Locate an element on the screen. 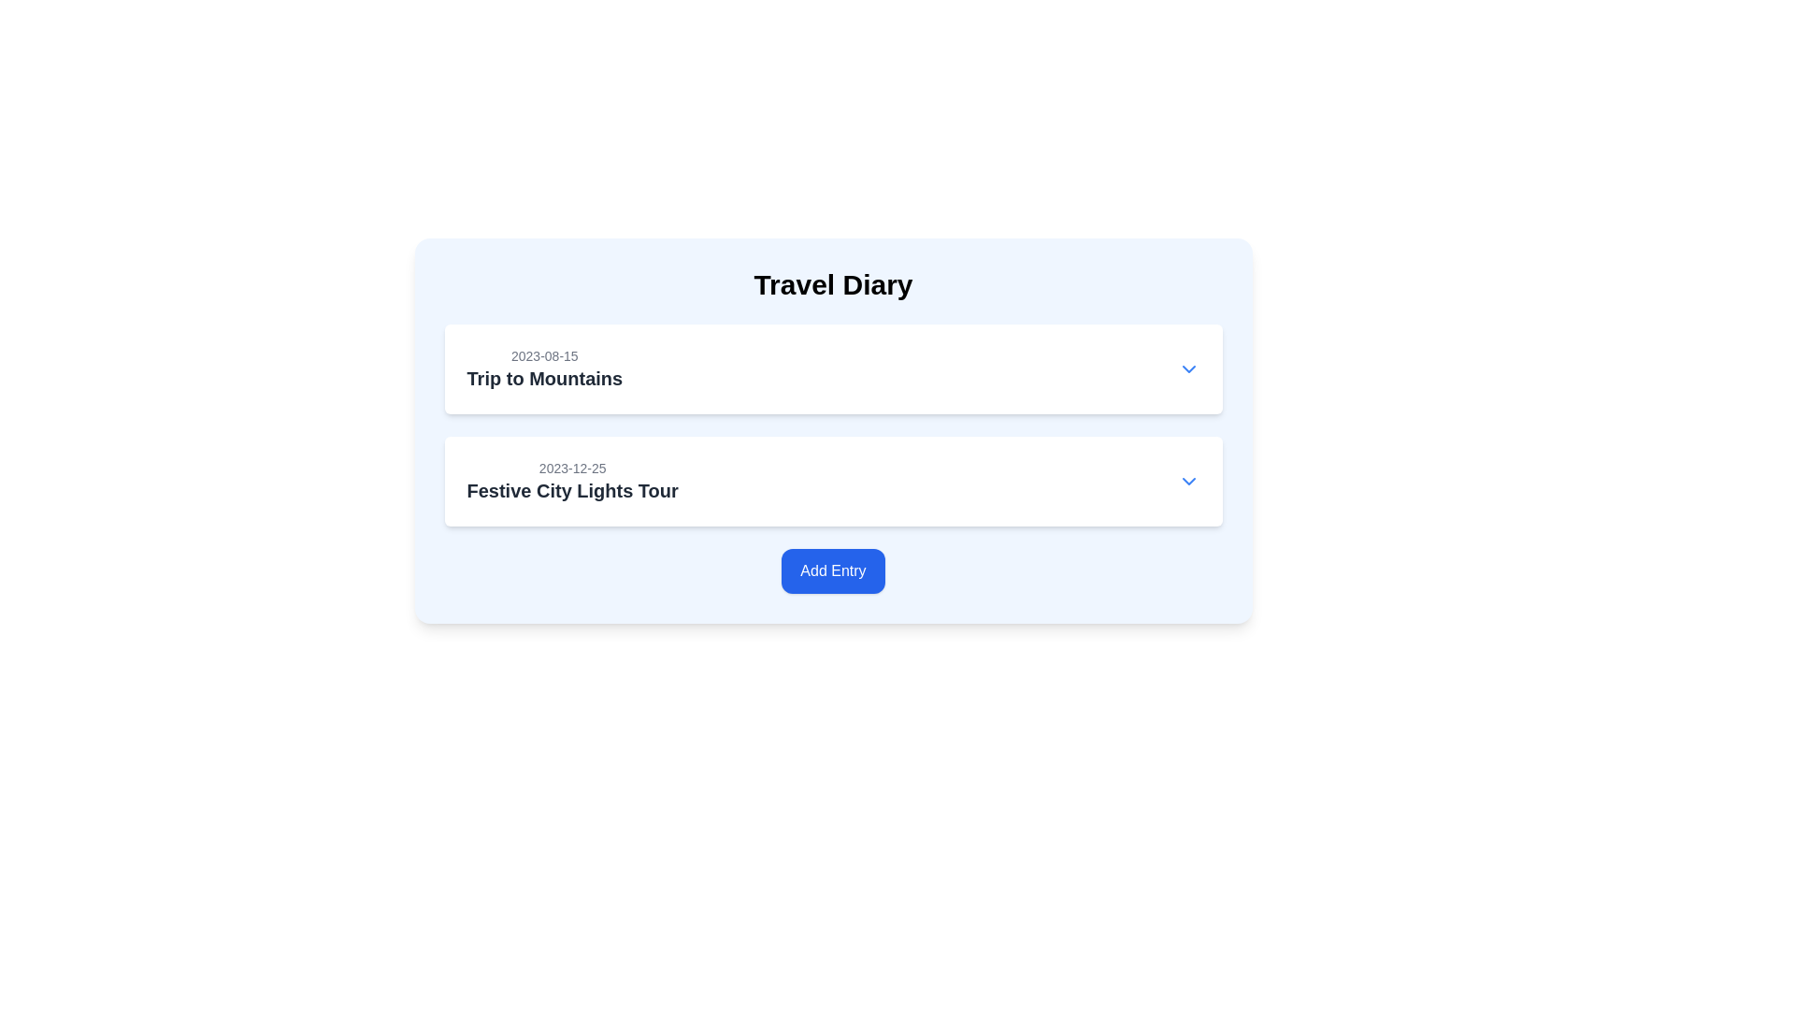  on the 'Festive City Lights Tour' list item card, which is the second card in the list below the 'Trip is located at coordinates (832, 481).